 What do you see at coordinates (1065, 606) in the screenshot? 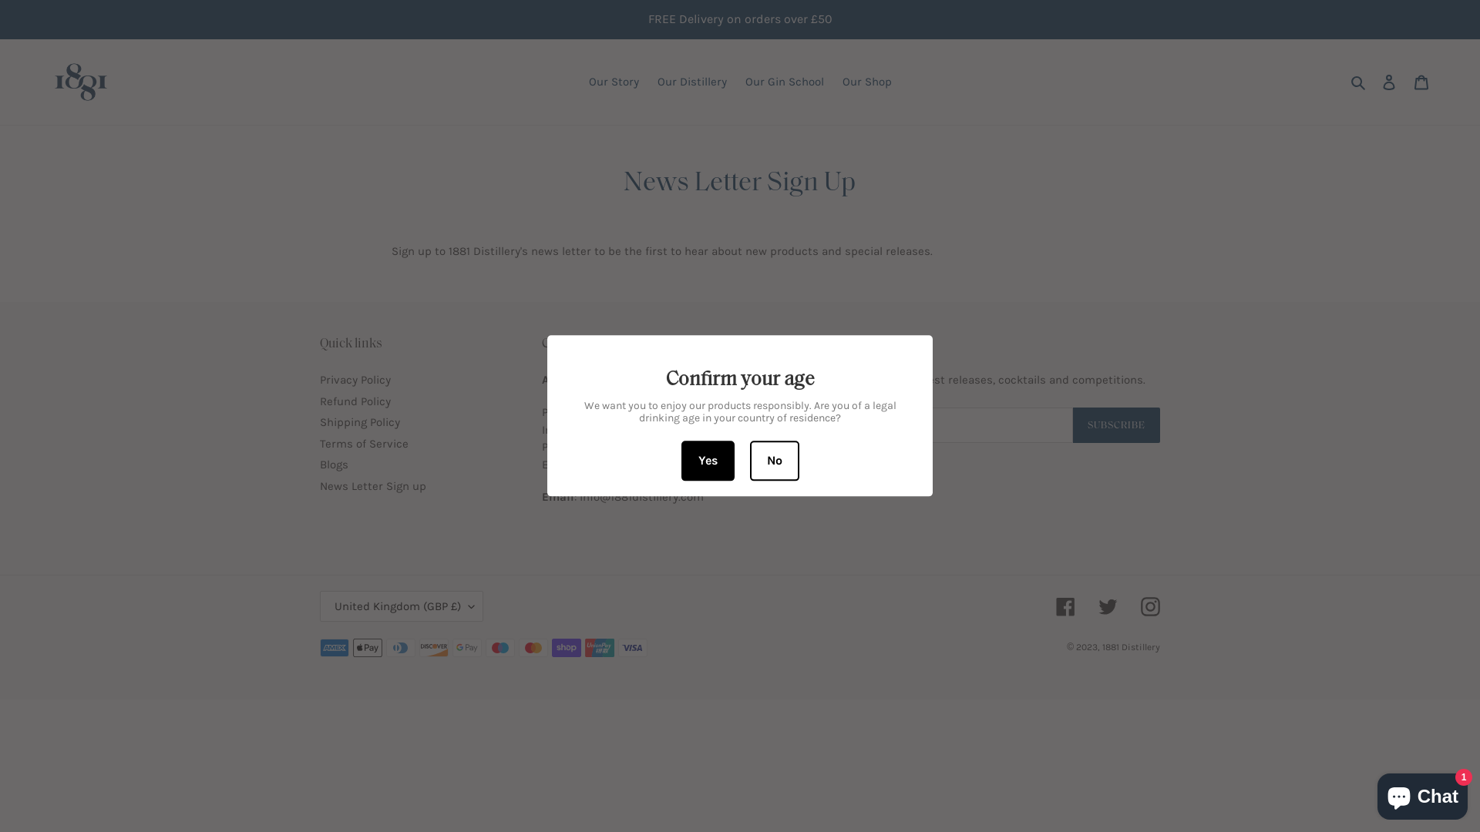
I see `'Facebook'` at bounding box center [1065, 606].